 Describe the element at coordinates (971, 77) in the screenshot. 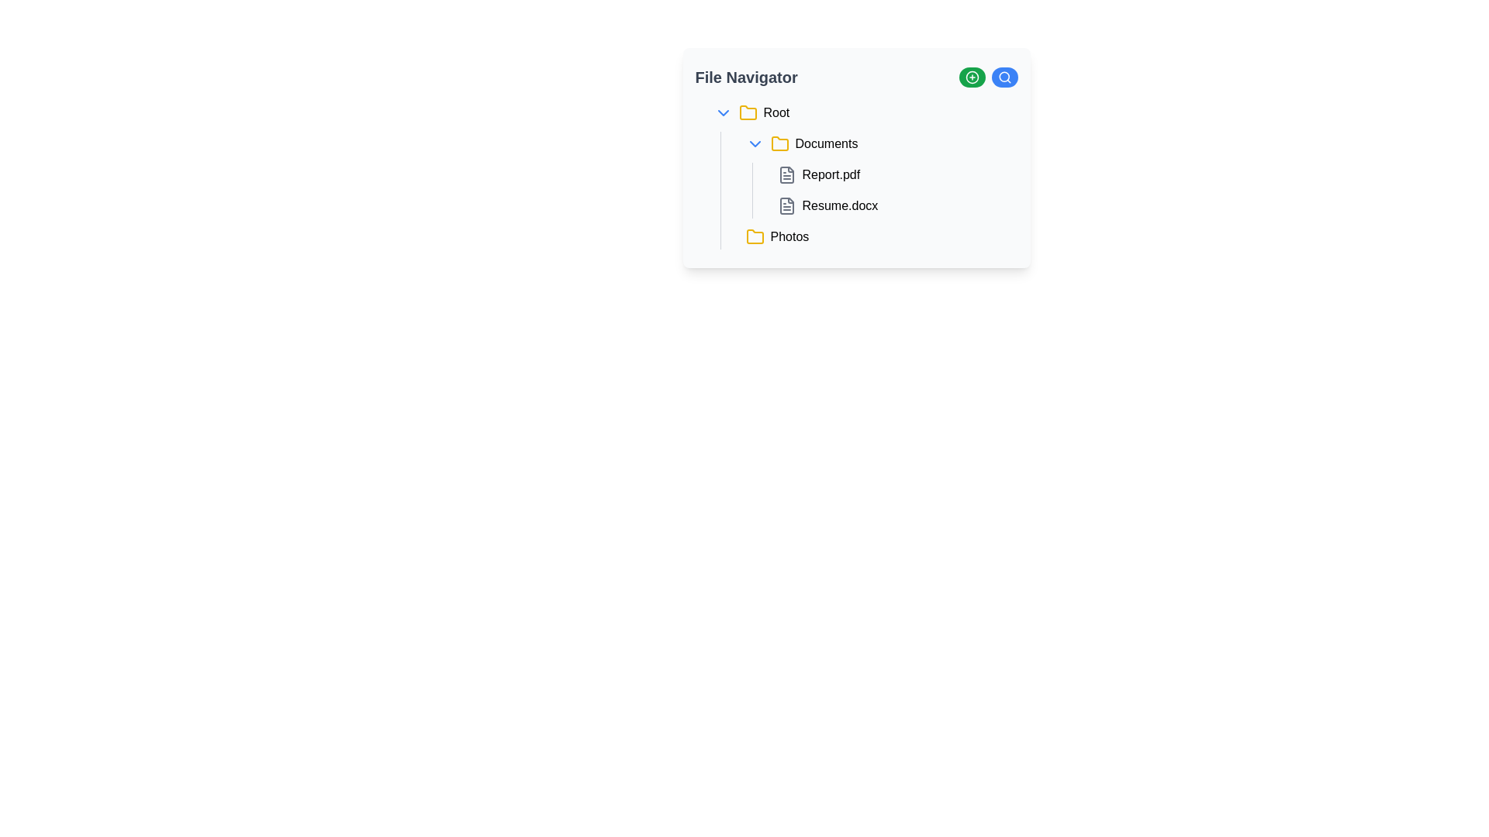

I see `the circular SVG icon representing a plus sign located at the top right corner of the UI panel if it is interactive` at that location.